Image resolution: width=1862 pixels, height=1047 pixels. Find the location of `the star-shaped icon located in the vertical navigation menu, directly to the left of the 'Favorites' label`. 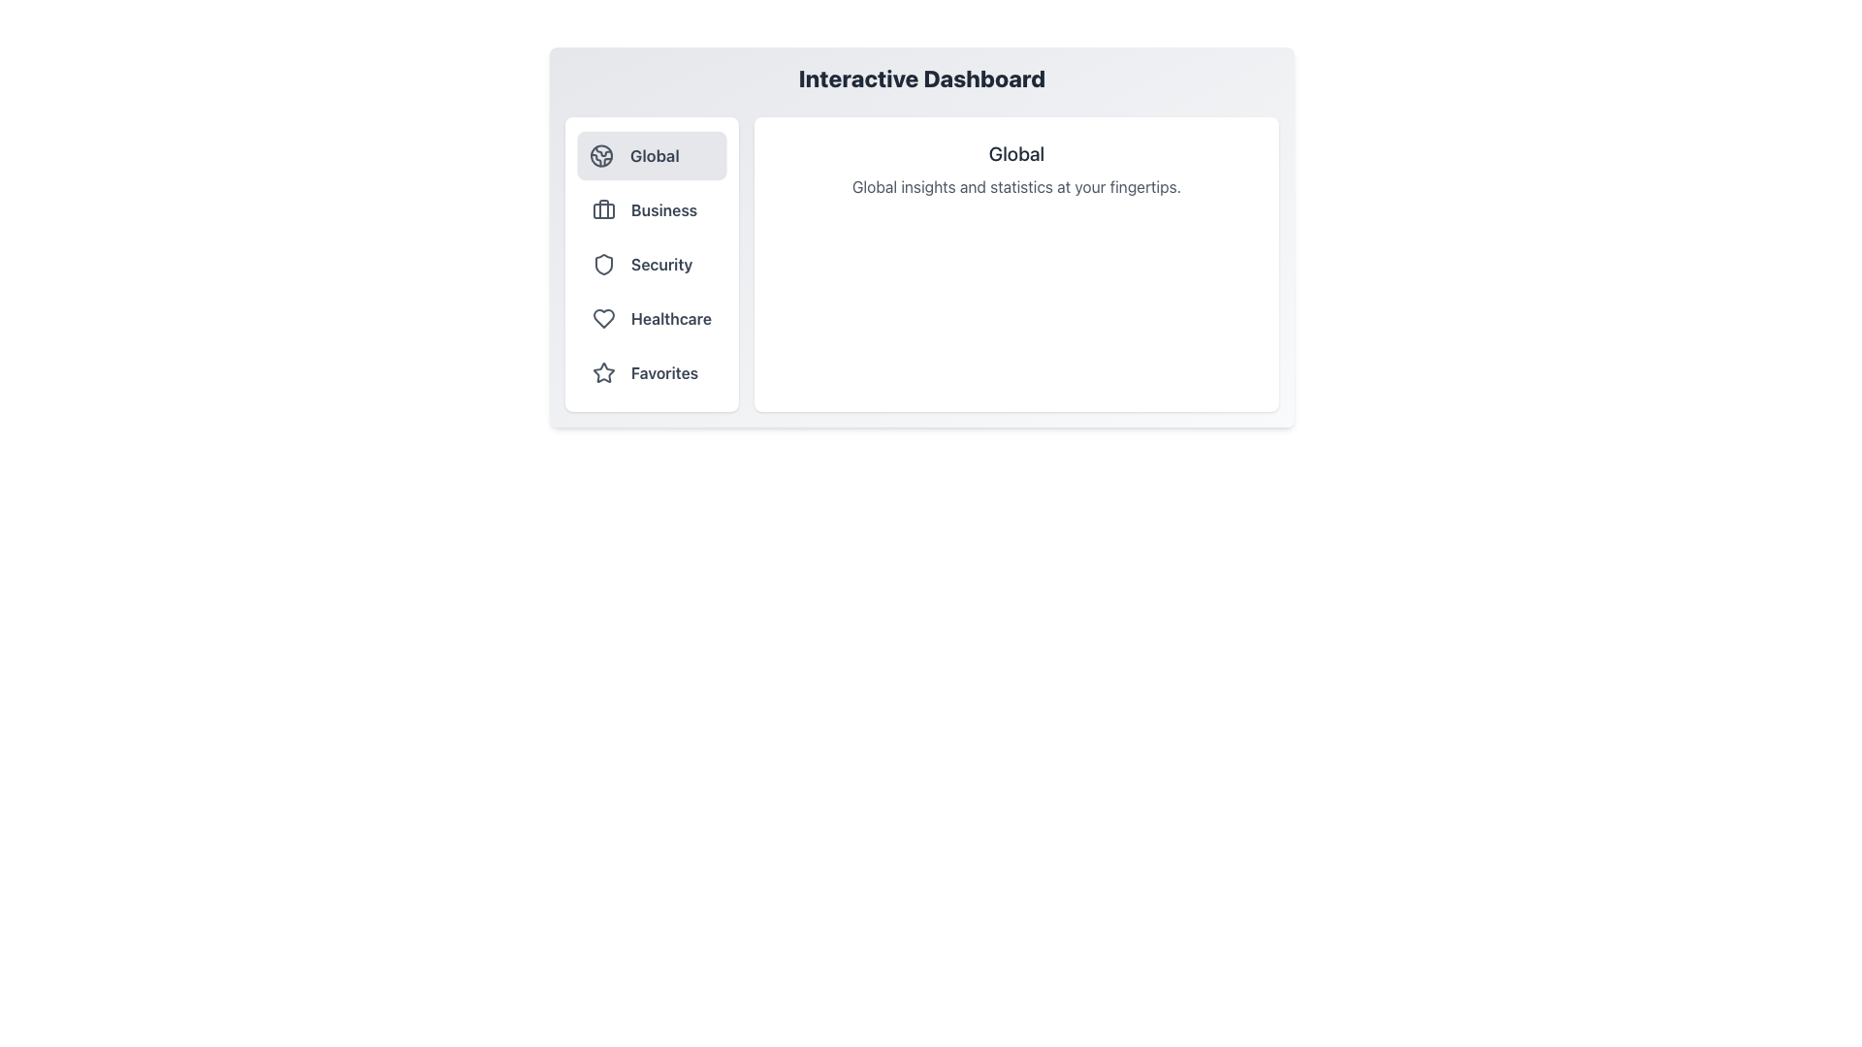

the star-shaped icon located in the vertical navigation menu, directly to the left of the 'Favorites' label is located at coordinates (602, 372).